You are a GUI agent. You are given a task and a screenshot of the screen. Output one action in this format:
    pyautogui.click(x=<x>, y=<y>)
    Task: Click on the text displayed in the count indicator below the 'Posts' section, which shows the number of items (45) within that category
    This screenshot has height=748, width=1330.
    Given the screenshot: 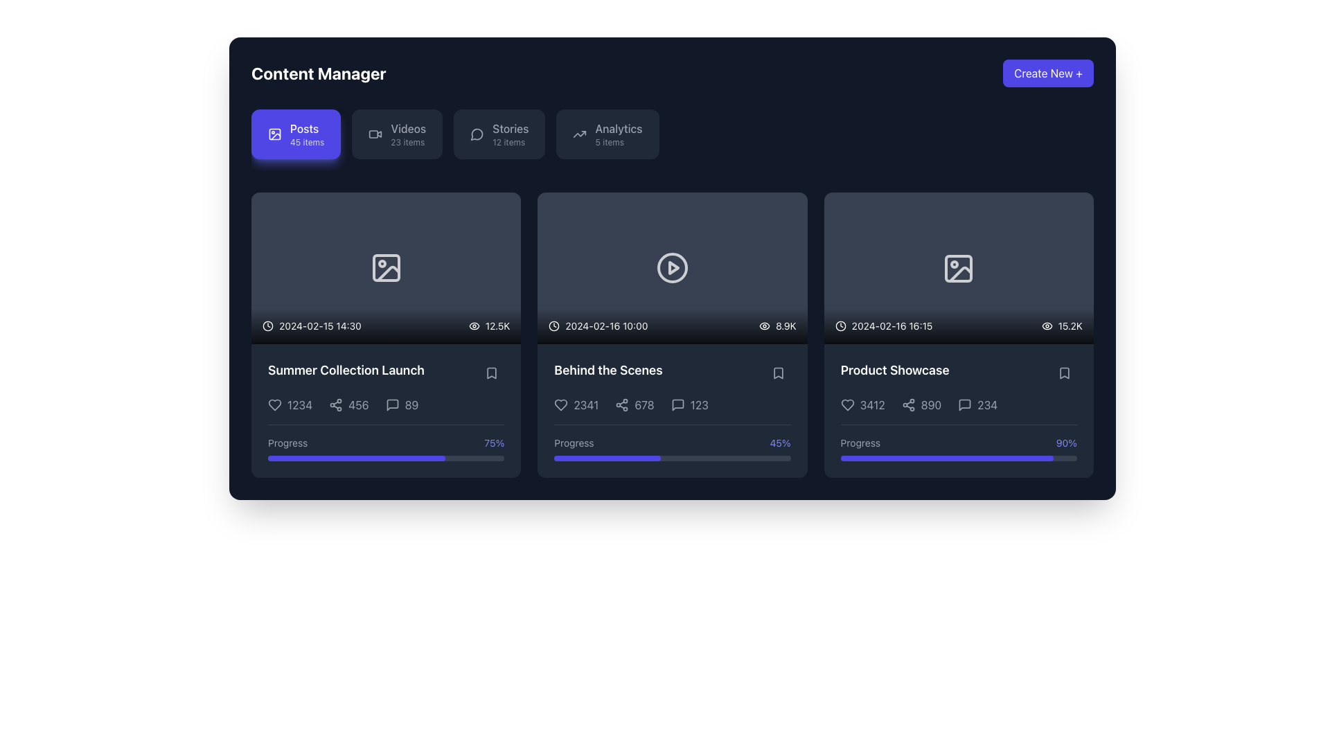 What is the action you would take?
    pyautogui.click(x=306, y=142)
    